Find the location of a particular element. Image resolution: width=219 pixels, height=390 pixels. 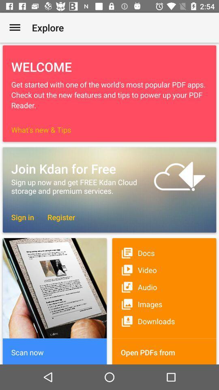

the downloads item is located at coordinates (164, 321).